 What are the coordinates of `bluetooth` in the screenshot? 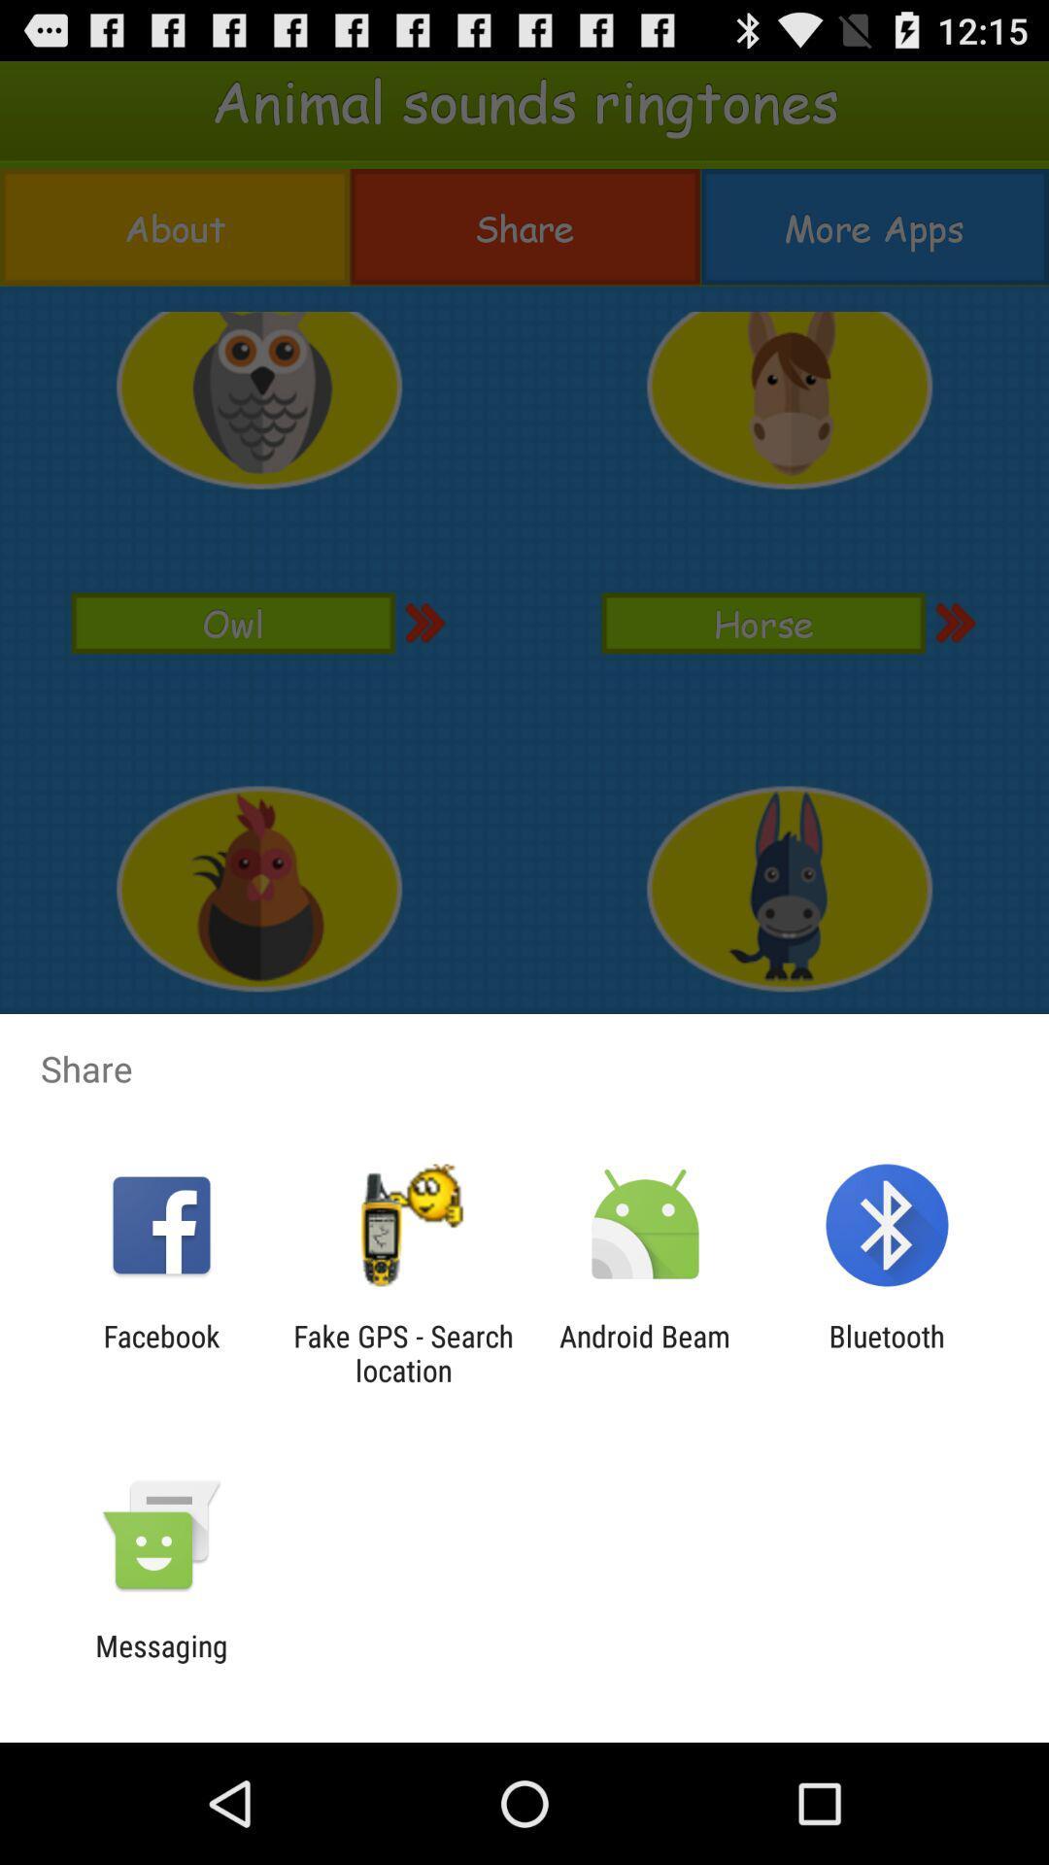 It's located at (887, 1352).